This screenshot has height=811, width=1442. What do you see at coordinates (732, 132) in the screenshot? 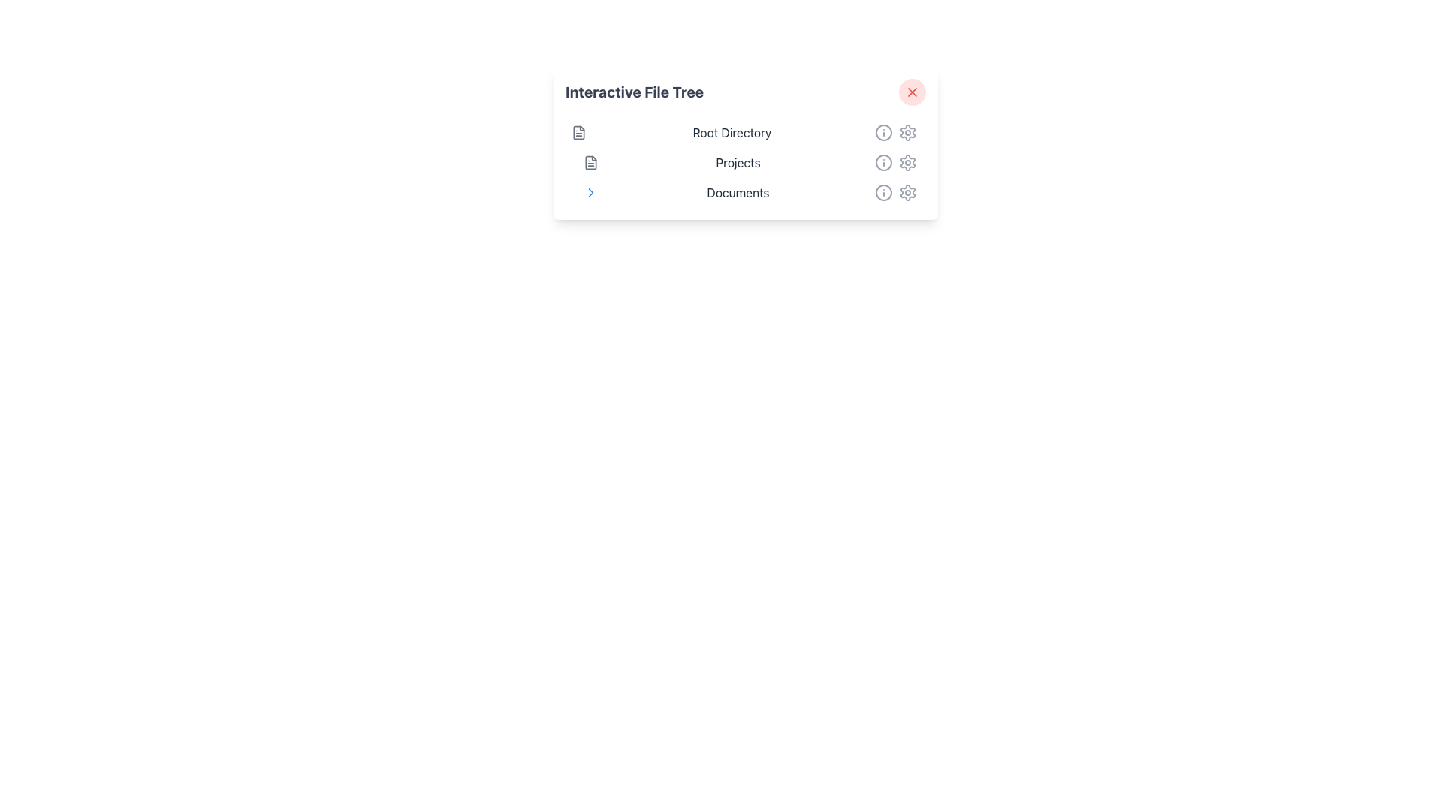
I see `the text label displaying the name of a file directory in the file navigation tree, positioned centrally between two icons` at bounding box center [732, 132].